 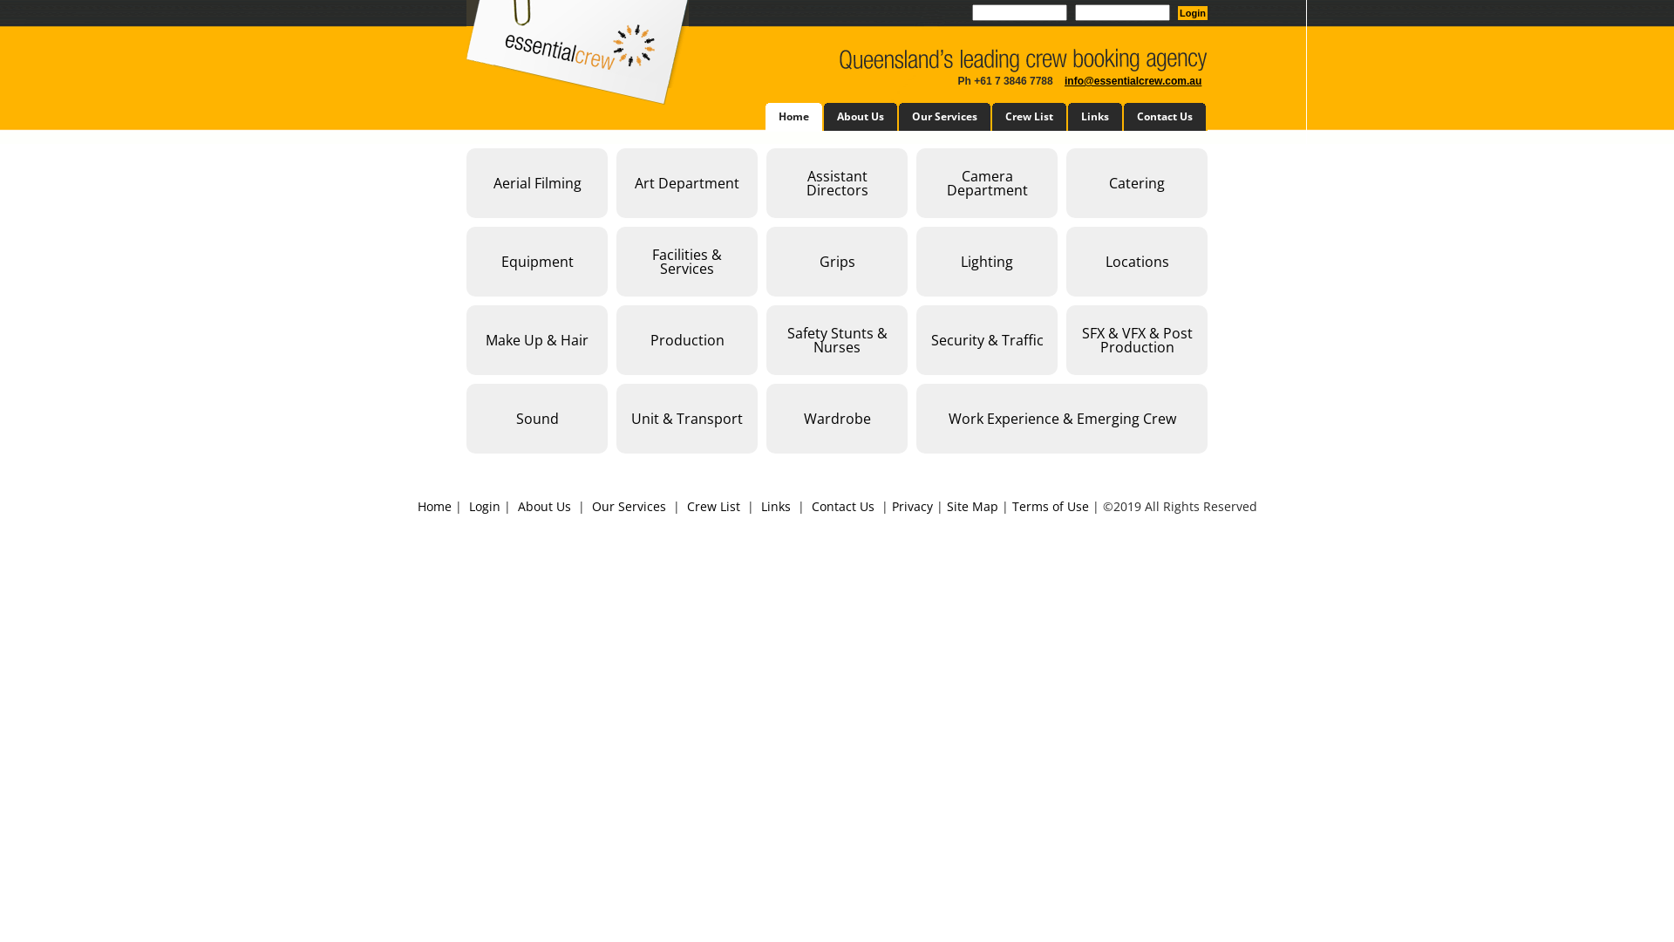 I want to click on 'SFX & VFX & Post Production', so click(x=1137, y=339).